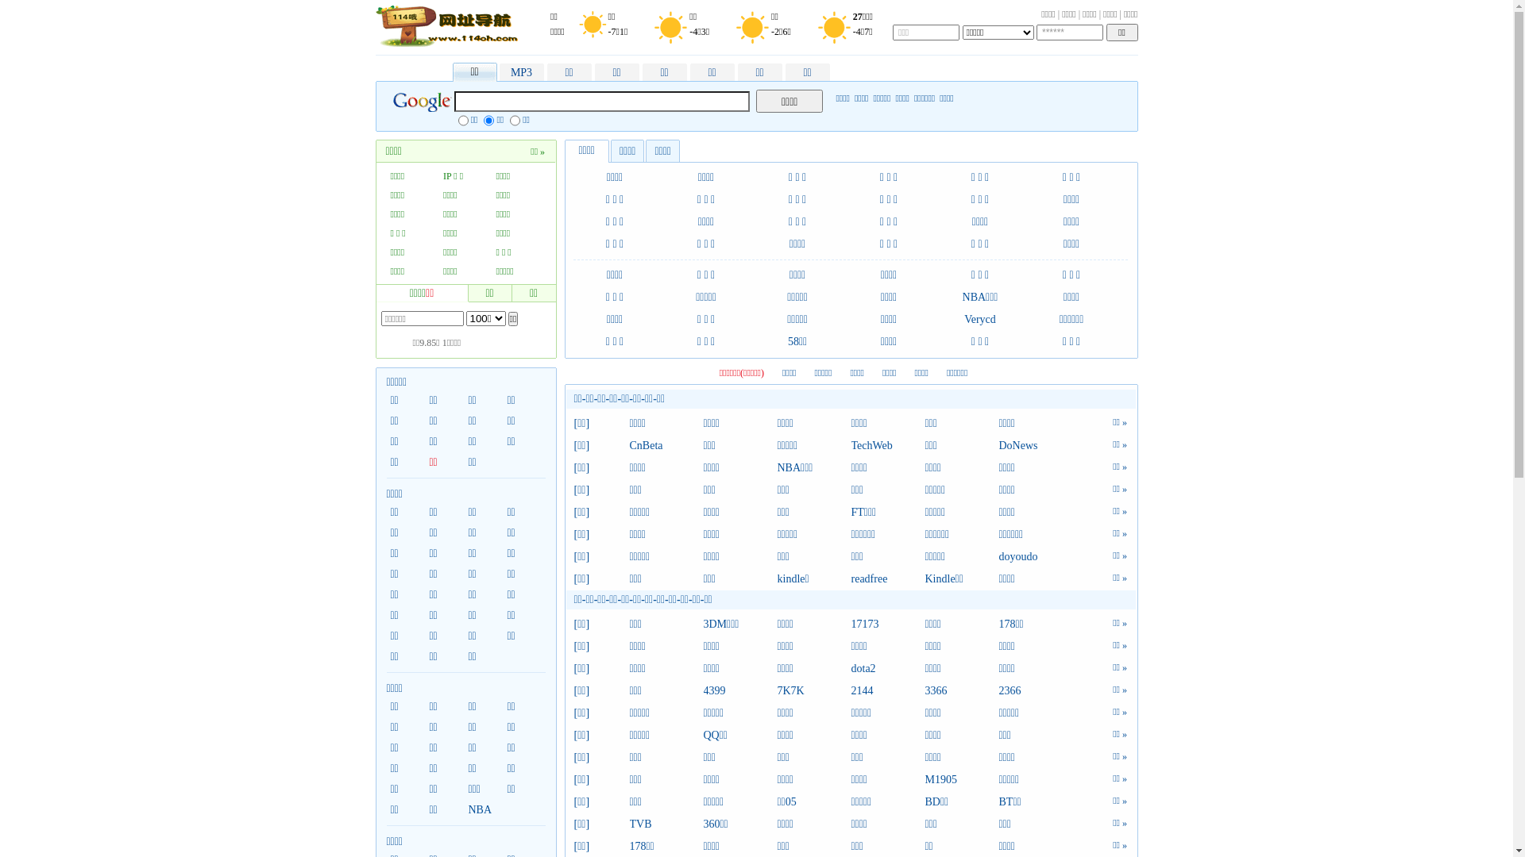  What do you see at coordinates (887, 669) in the screenshot?
I see `'dota2'` at bounding box center [887, 669].